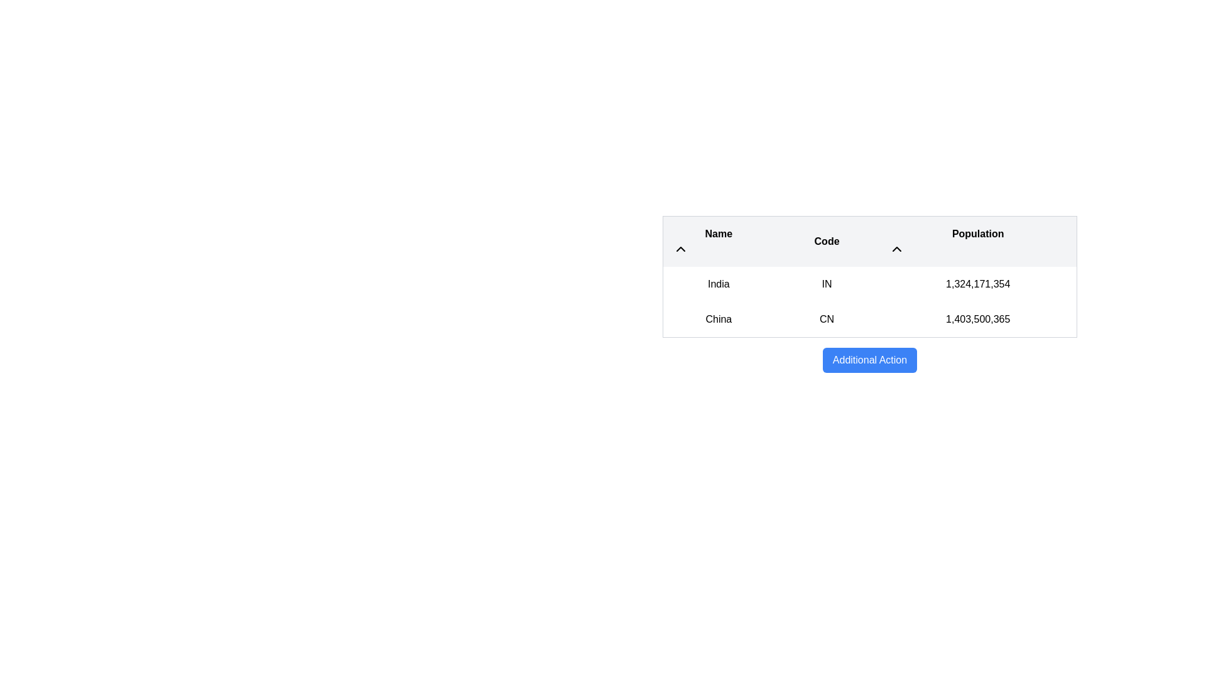 The height and width of the screenshot is (678, 1206). I want to click on the text label 'IN' within the first row of the table under the 'Code' column, which is bold and centered, indicating a country code, so click(827, 284).